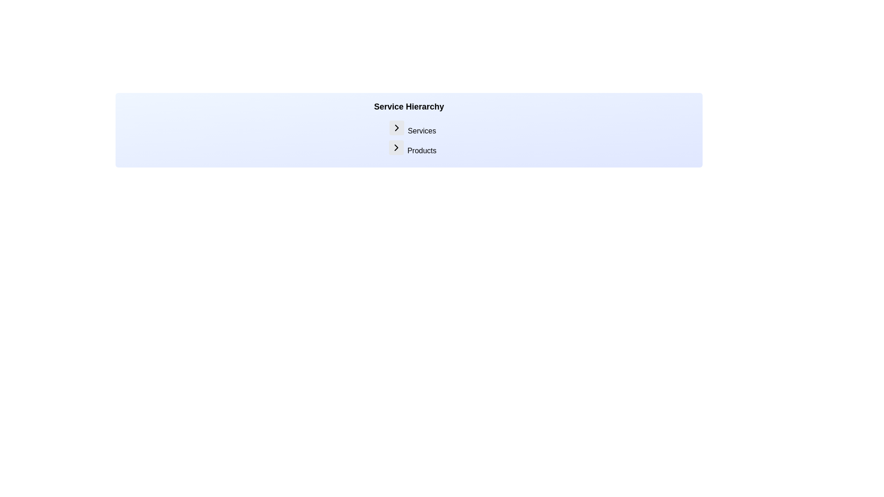 This screenshot has height=497, width=884. What do you see at coordinates (421, 150) in the screenshot?
I see `the text label reading 'Products', which is the second entry in the category list under 'Service Hierarchy', positioned to the right of an arrow icon` at bounding box center [421, 150].